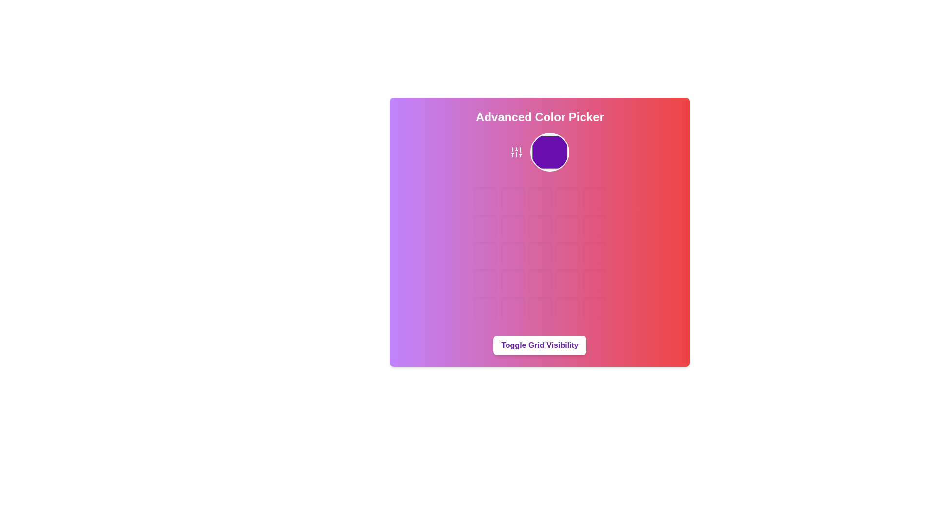  Describe the element at coordinates (567, 308) in the screenshot. I see `the highlighted Grid Tile located in the last row and the fourth column of the grid layout` at that location.